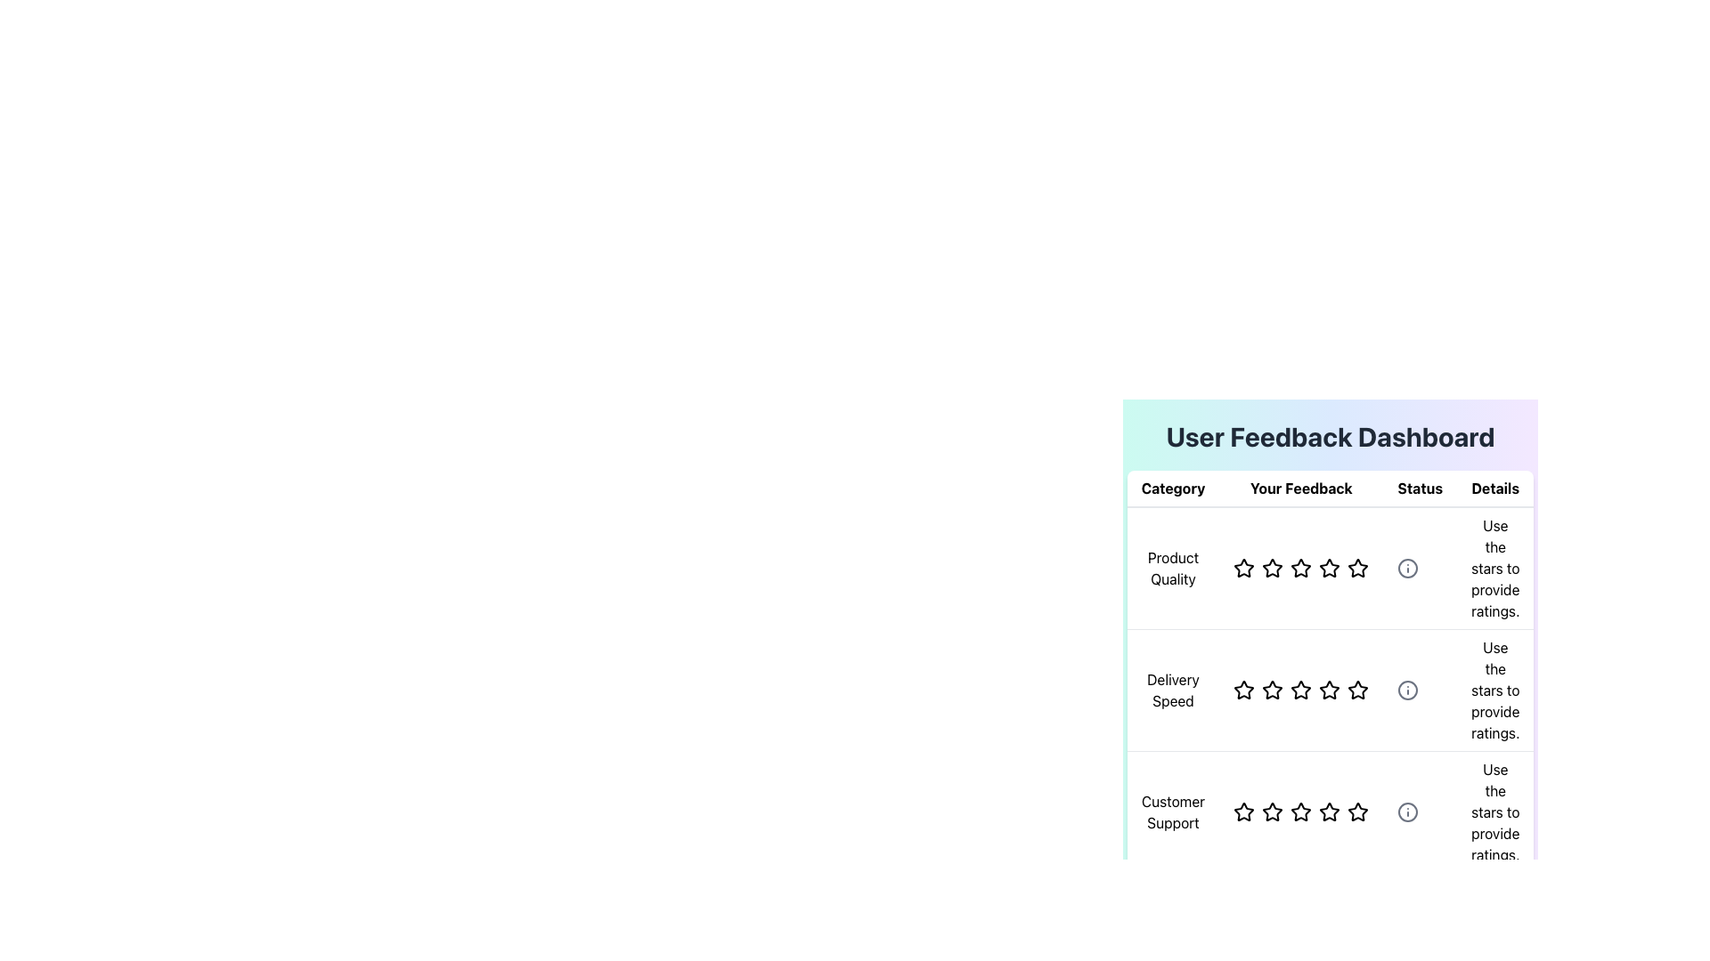  What do you see at coordinates (1173, 689) in the screenshot?
I see `the Text Label in the second row of the feedback table under the 'Category' column, which indicates the category being evaluated` at bounding box center [1173, 689].